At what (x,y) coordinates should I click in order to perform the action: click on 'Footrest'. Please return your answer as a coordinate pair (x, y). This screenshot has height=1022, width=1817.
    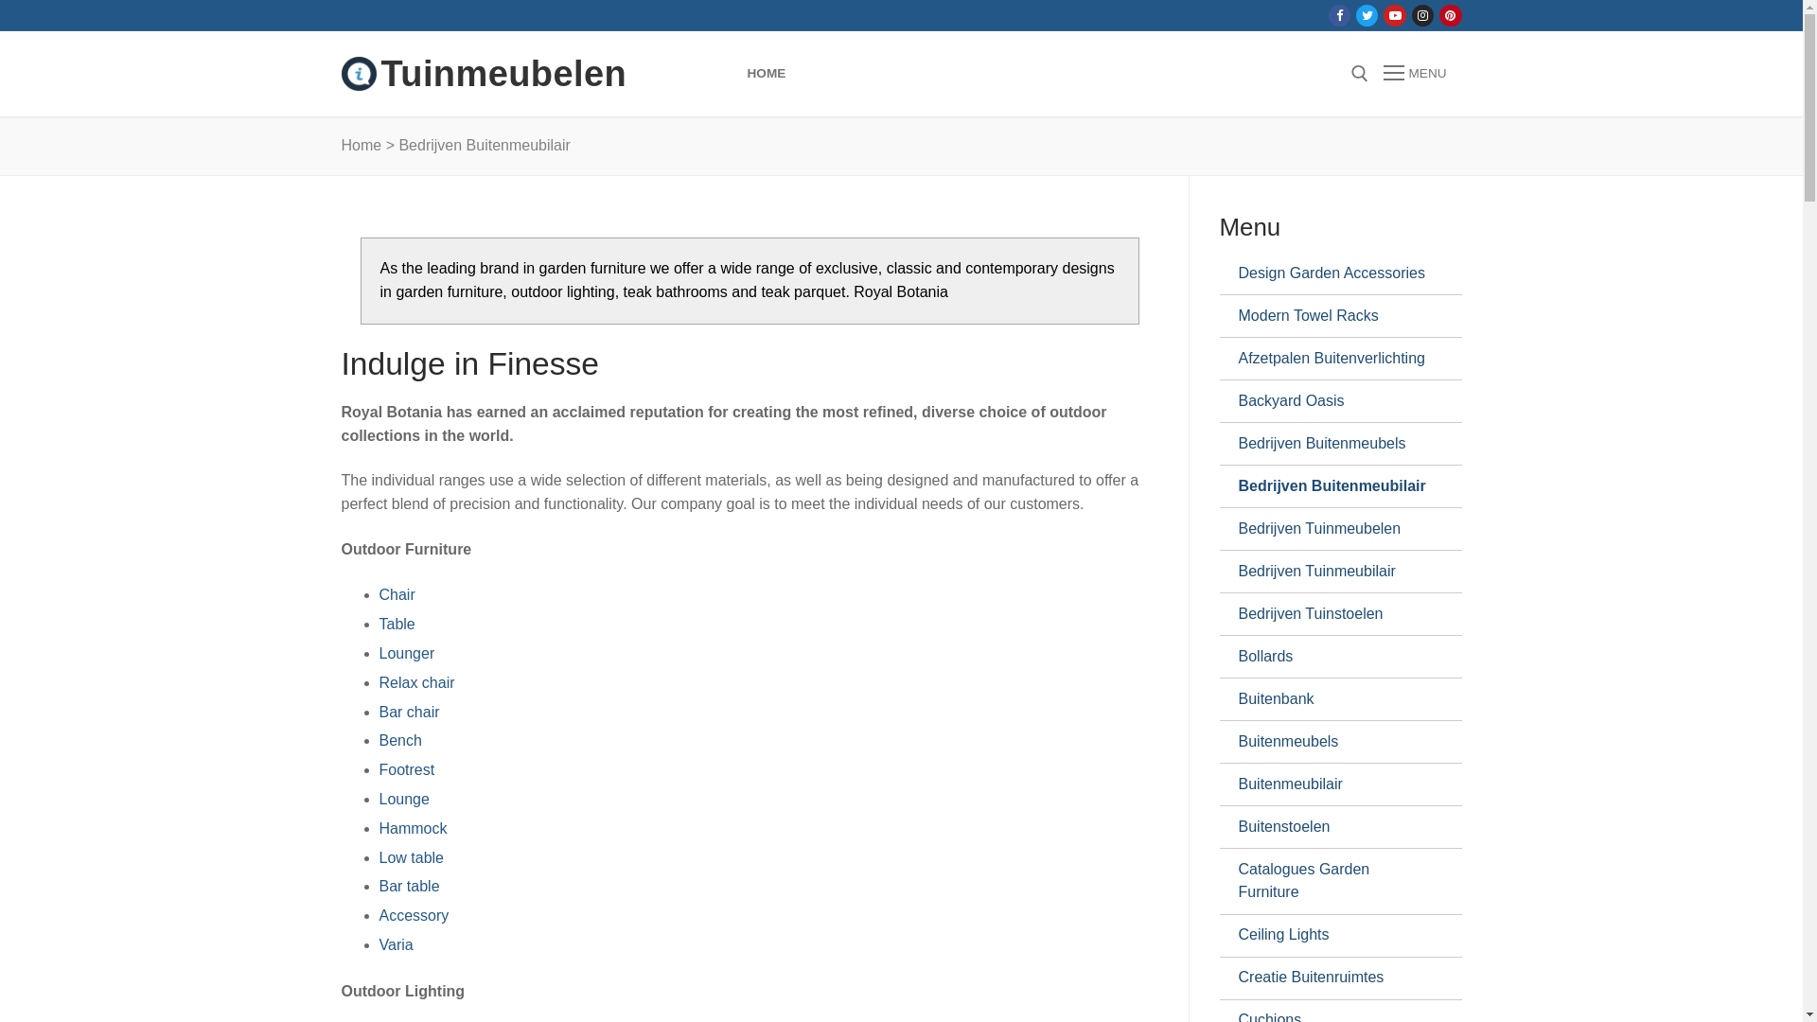
    Looking at the image, I should click on (405, 769).